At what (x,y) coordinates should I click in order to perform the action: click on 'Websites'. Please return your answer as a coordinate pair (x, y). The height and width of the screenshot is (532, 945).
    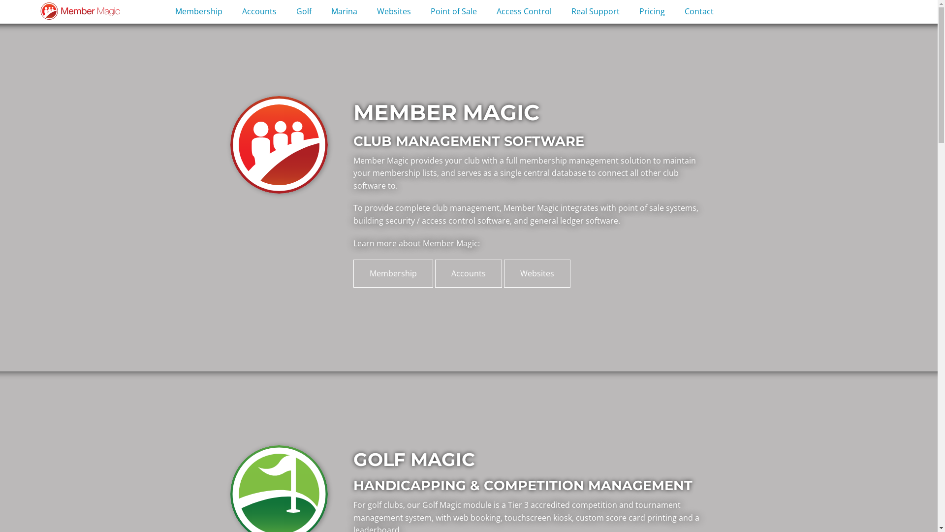
    Looking at the image, I should click on (504, 273).